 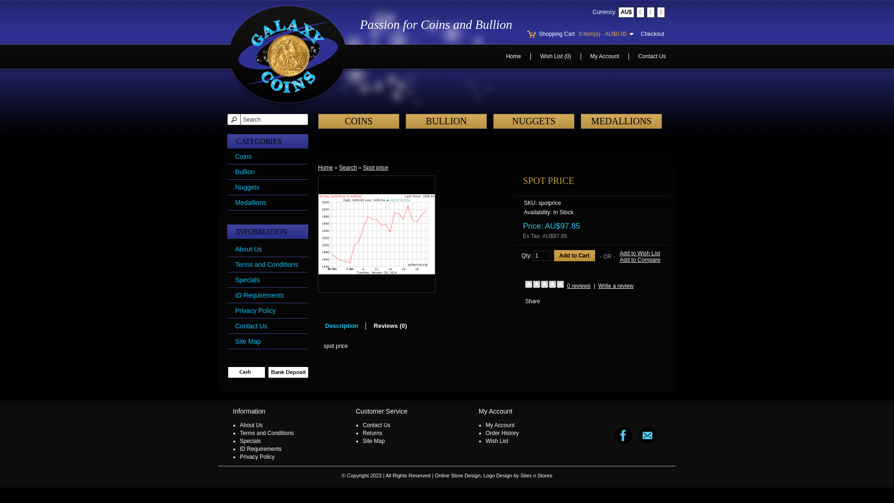 I want to click on 'Wish List (0)', so click(x=555, y=56).